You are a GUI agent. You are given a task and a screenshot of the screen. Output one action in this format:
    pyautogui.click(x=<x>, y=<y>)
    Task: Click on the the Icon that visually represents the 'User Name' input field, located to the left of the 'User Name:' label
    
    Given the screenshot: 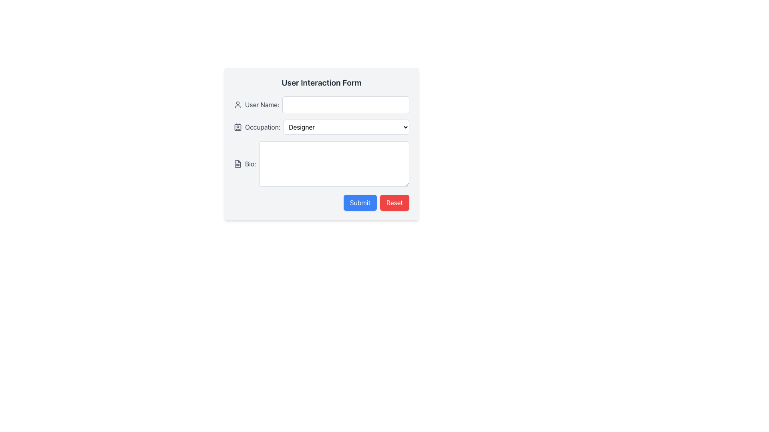 What is the action you would take?
    pyautogui.click(x=238, y=104)
    